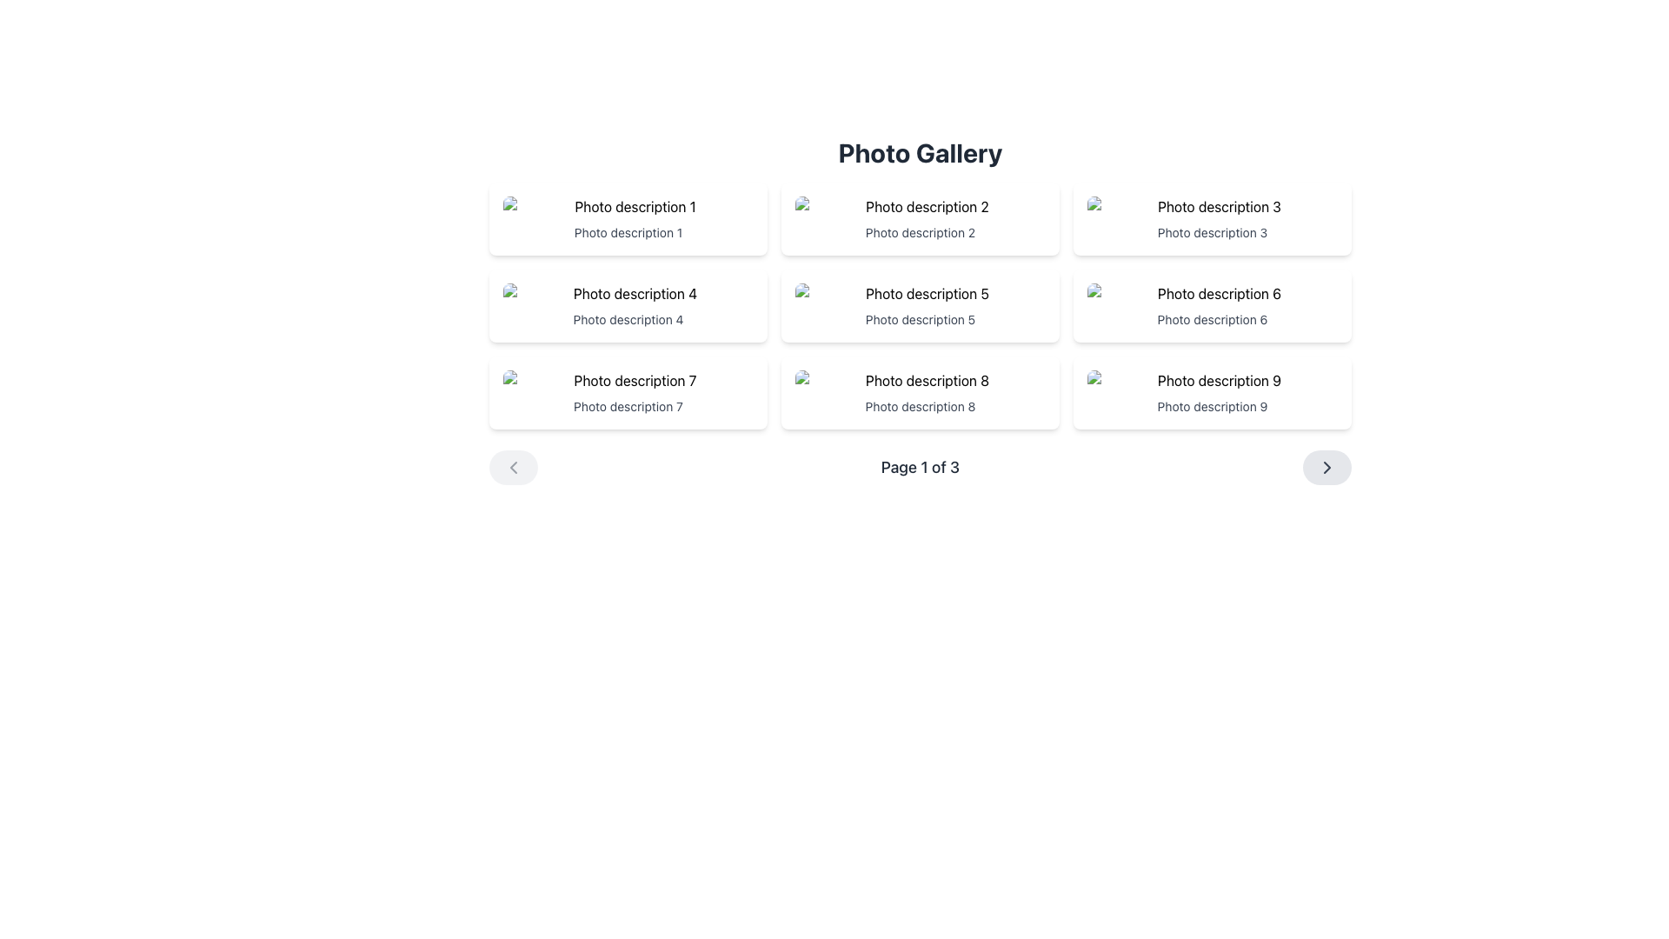  I want to click on the circular button with a light gray background and dark gray chevron pointing right, located on the right side of the pagination bar below the gallery, so click(1326, 466).